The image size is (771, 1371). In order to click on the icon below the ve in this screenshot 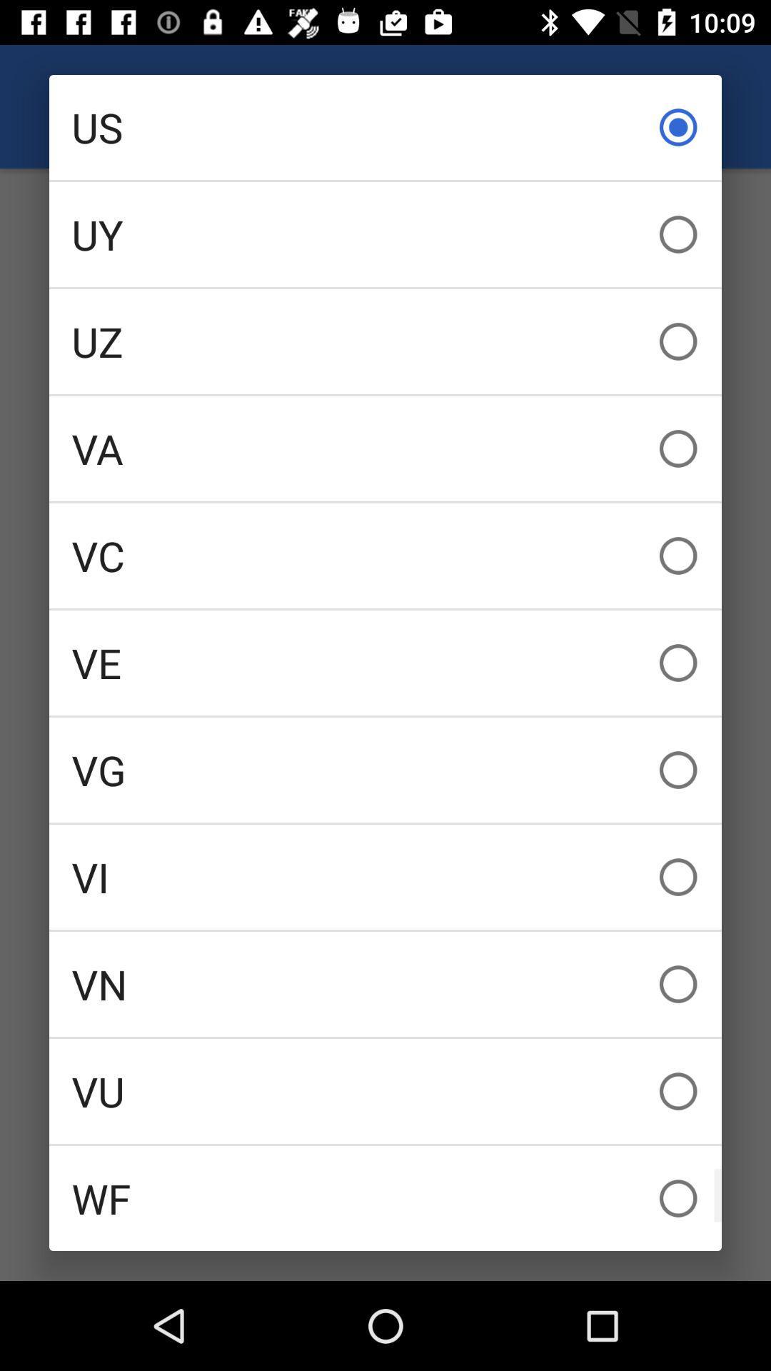, I will do `click(385, 769)`.